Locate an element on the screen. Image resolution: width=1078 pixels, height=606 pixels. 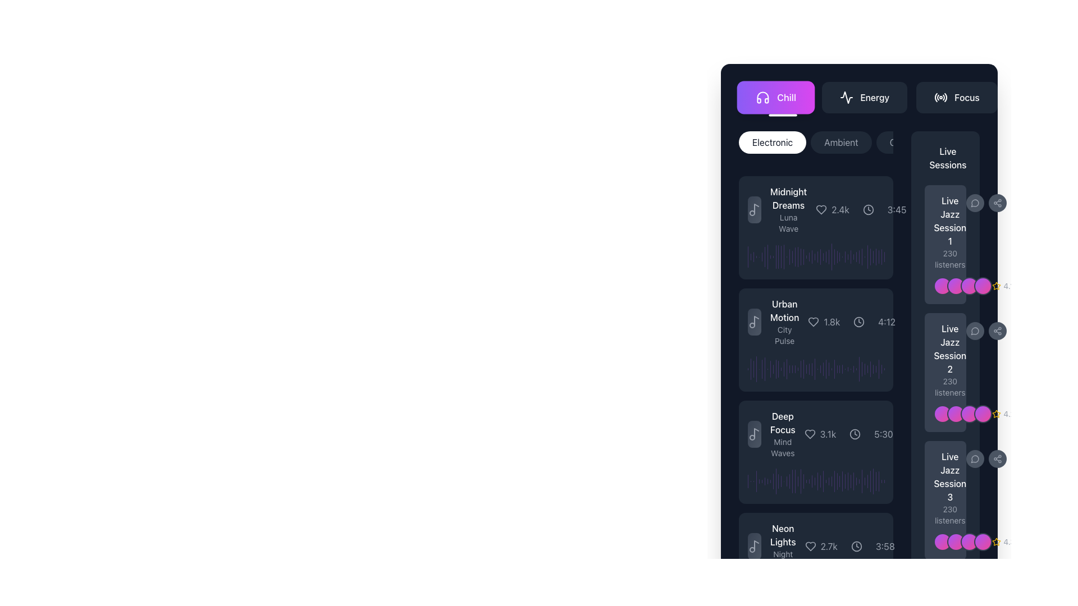
the decorative progress indicator located as the 19th bar from the left, aligned with the 'Deep Focus' item in the list is located at coordinates (797, 480).